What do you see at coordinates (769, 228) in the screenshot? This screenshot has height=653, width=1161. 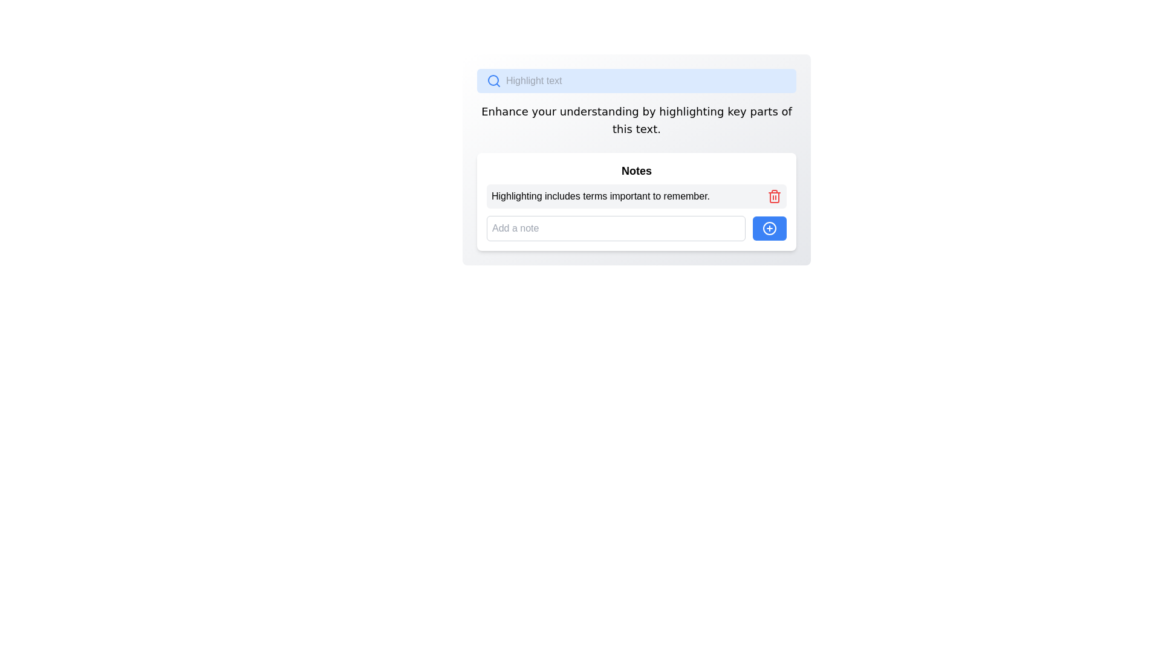 I see `the circular blue button located directly to the right of the 'Add a note' text input field` at bounding box center [769, 228].